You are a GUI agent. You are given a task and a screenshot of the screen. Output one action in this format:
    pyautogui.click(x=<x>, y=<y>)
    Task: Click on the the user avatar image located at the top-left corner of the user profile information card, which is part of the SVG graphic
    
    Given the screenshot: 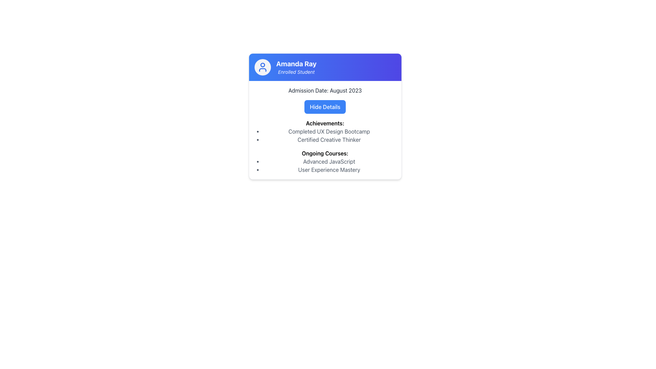 What is the action you would take?
    pyautogui.click(x=262, y=65)
    